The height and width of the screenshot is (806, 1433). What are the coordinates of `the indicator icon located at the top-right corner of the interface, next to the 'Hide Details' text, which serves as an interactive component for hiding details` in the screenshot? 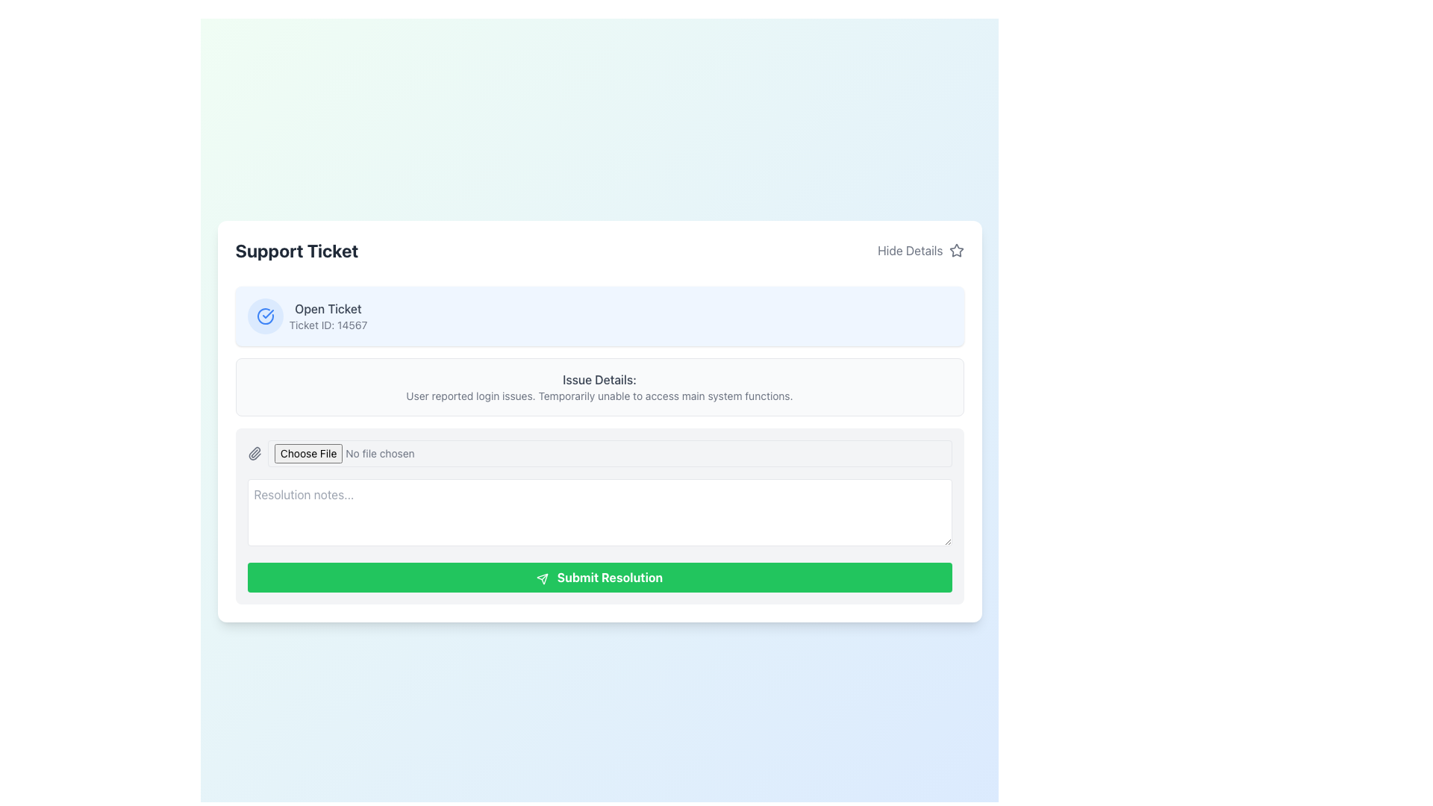 It's located at (956, 249).